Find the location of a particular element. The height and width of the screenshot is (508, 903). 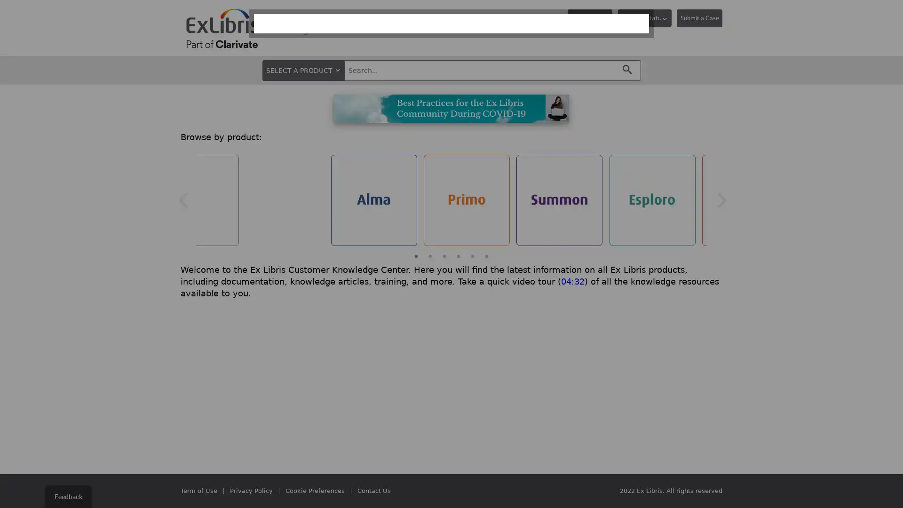

Previous is located at coordinates (183, 199).